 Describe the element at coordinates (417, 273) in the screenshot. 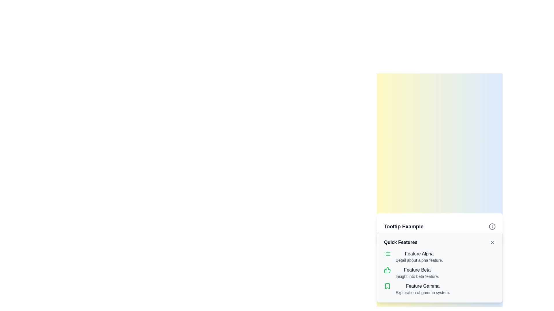

I see `the text block titled 'Feature Beta' which contains a bold, dark-gray title and a smaller, lighter gray description, located in the second row of the 'Quick Features' section` at that location.